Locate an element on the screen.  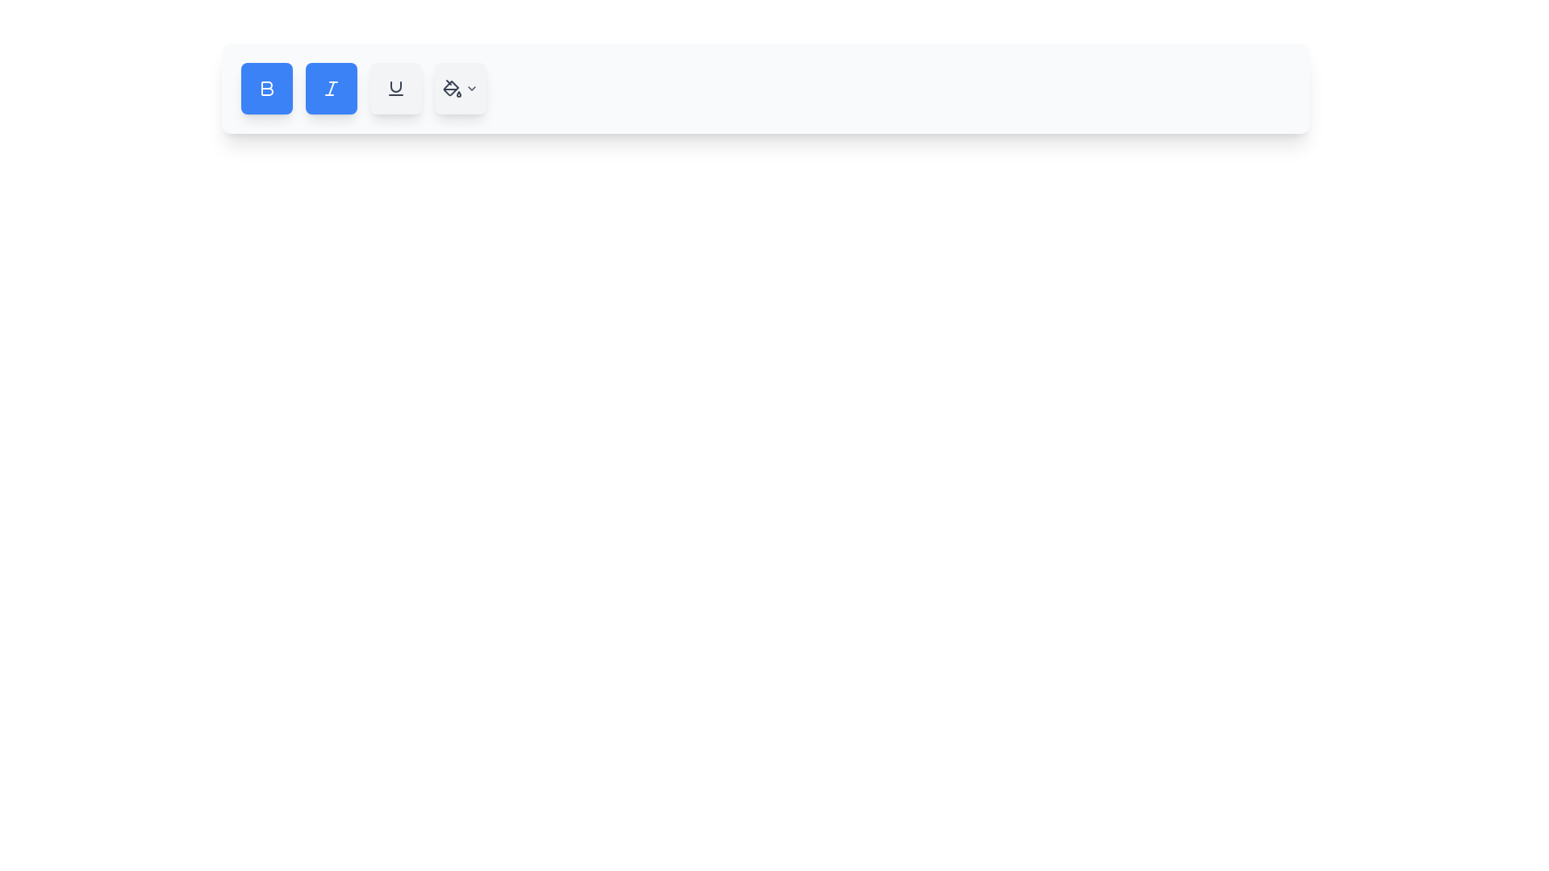
the paint bucket icon with a downward droplet, located within the 'Color' button is located at coordinates (460, 89).